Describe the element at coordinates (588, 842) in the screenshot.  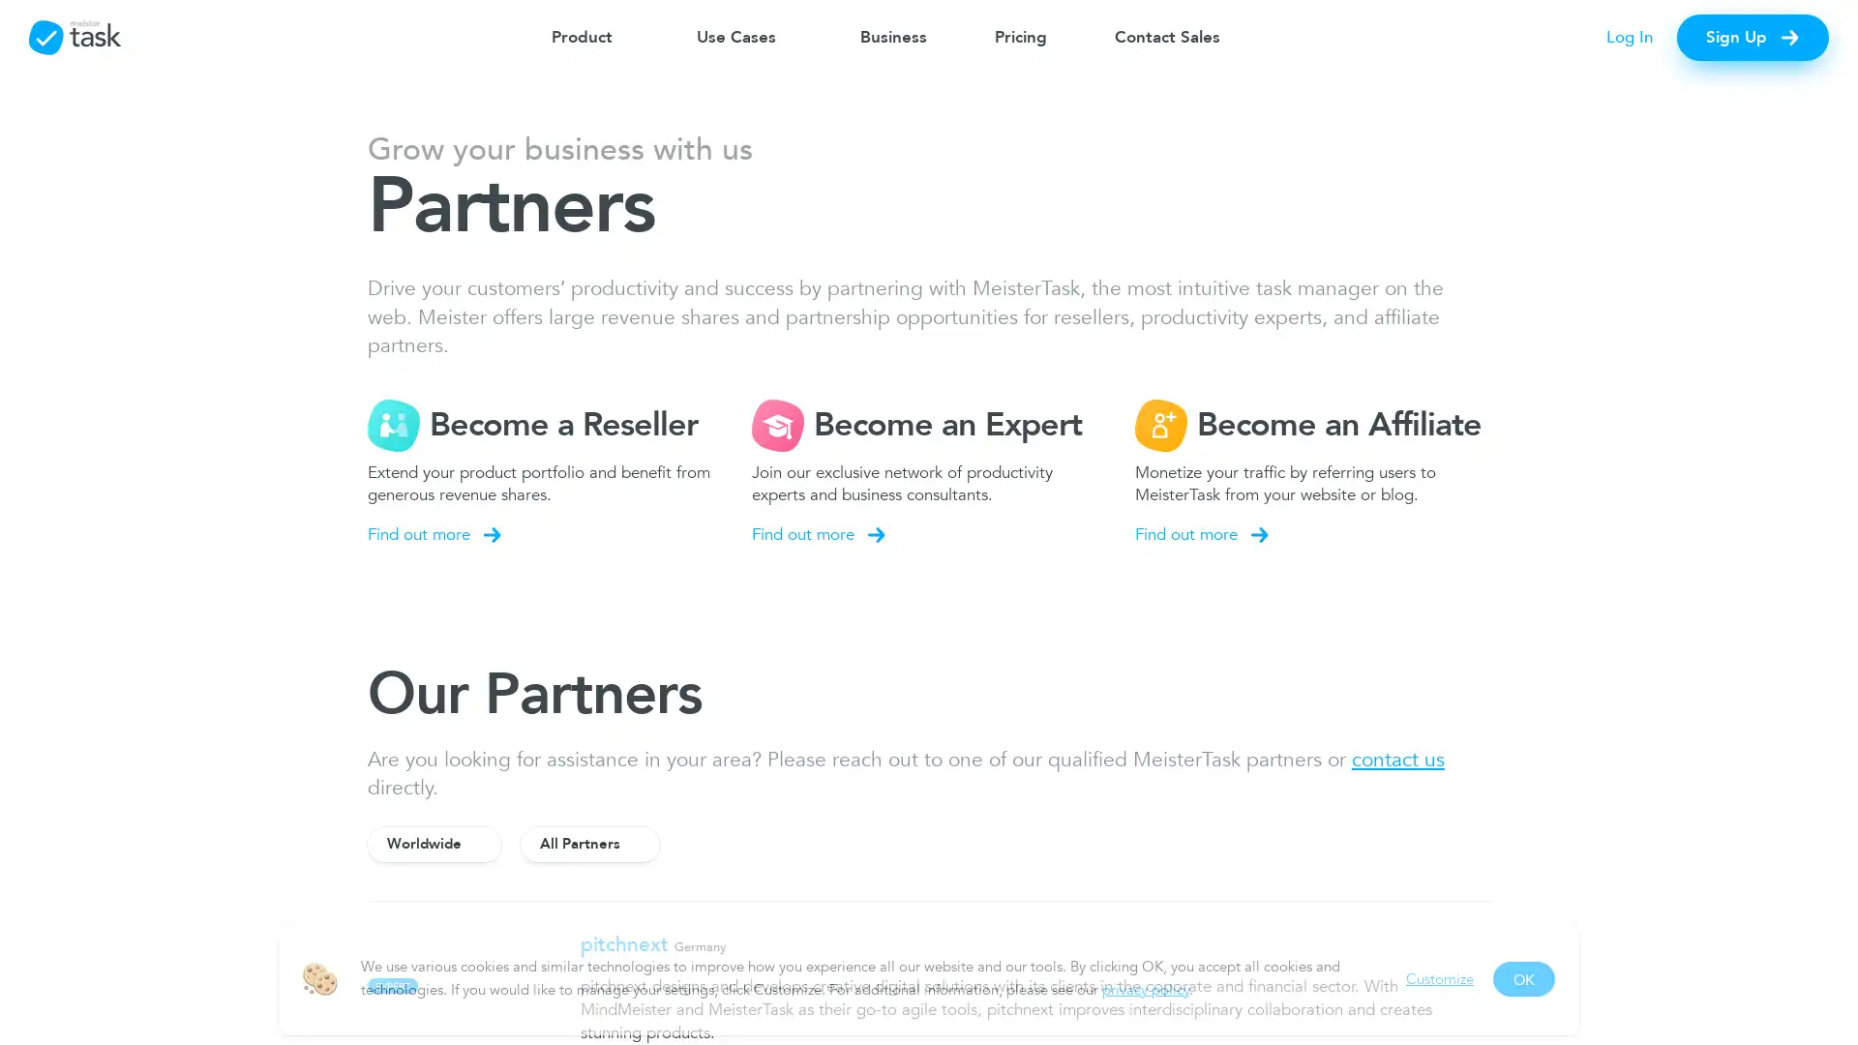
I see `All Partners Arrow down` at that location.